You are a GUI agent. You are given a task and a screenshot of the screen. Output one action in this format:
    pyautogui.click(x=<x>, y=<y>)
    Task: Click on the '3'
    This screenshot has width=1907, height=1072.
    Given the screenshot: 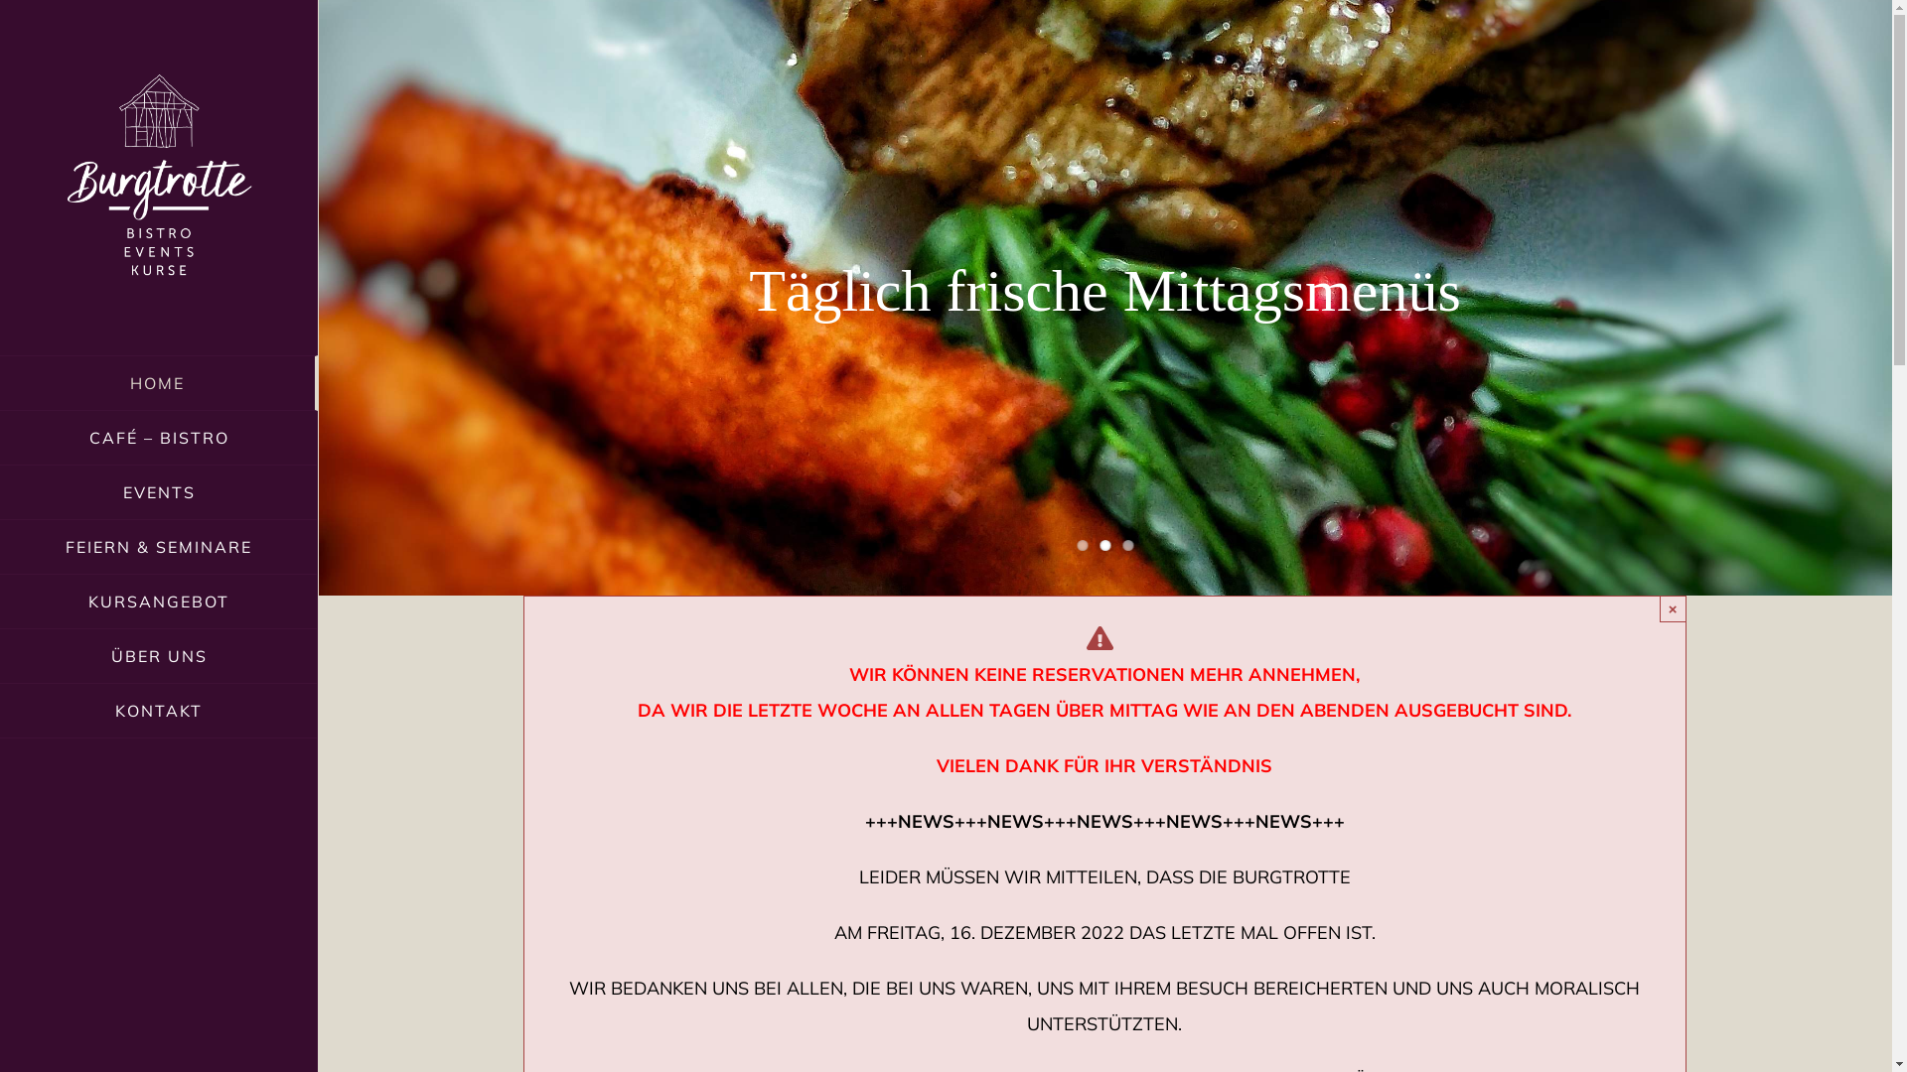 What is the action you would take?
    pyautogui.click(x=1127, y=545)
    